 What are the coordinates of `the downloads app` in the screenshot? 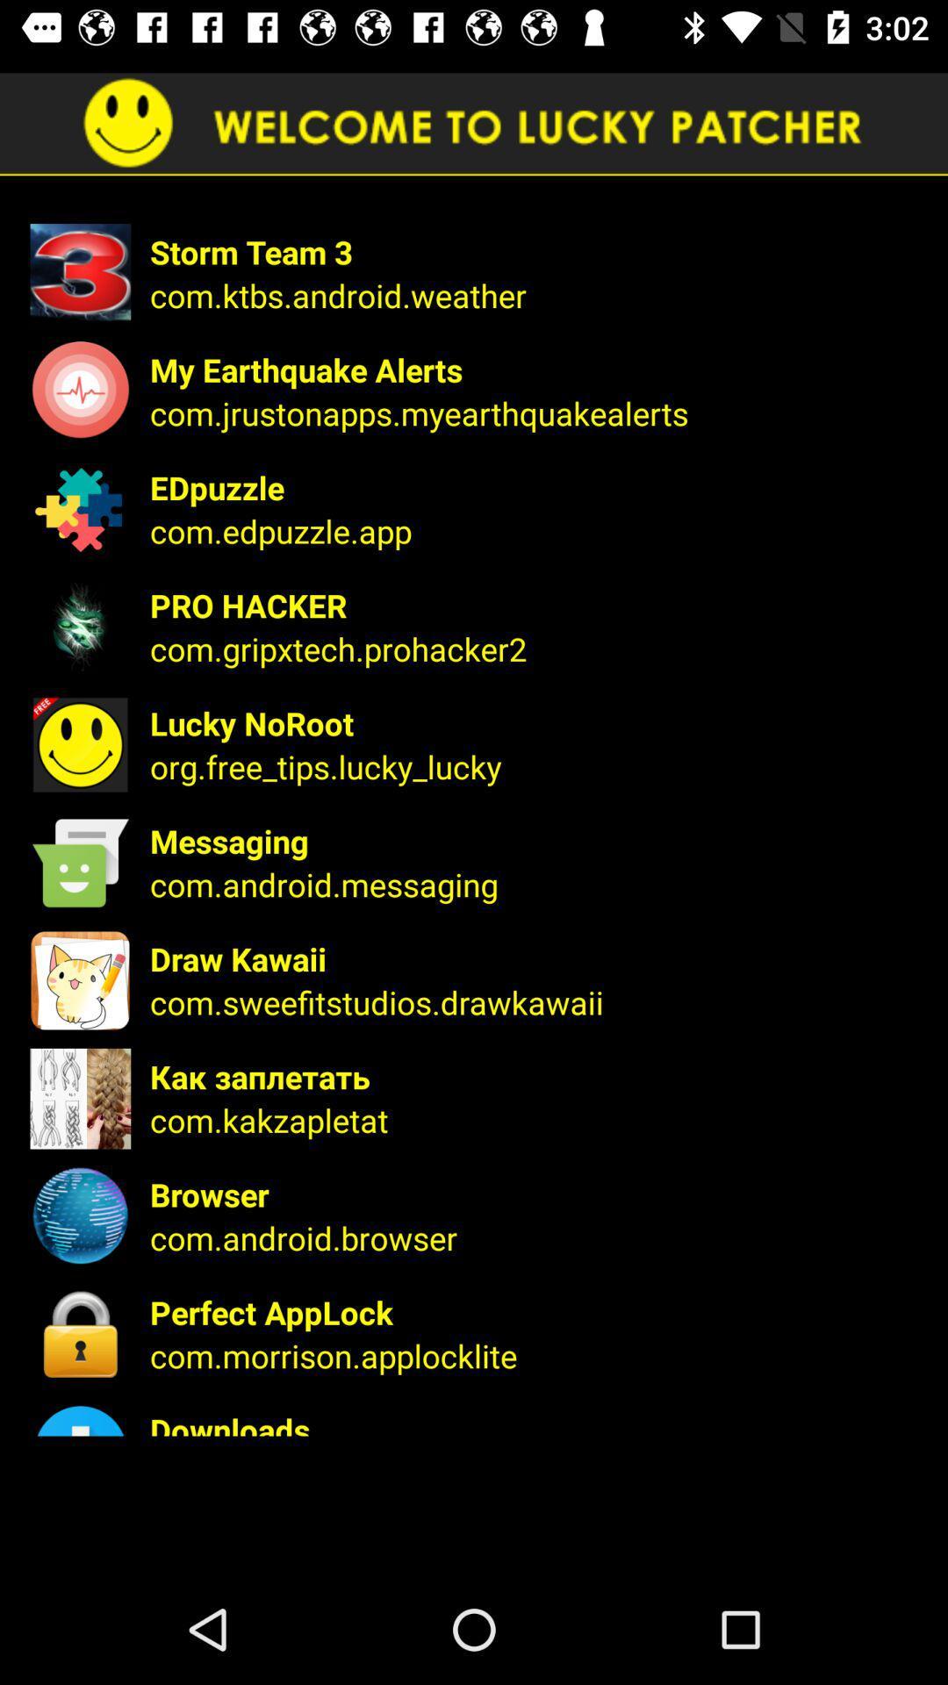 It's located at (536, 1422).